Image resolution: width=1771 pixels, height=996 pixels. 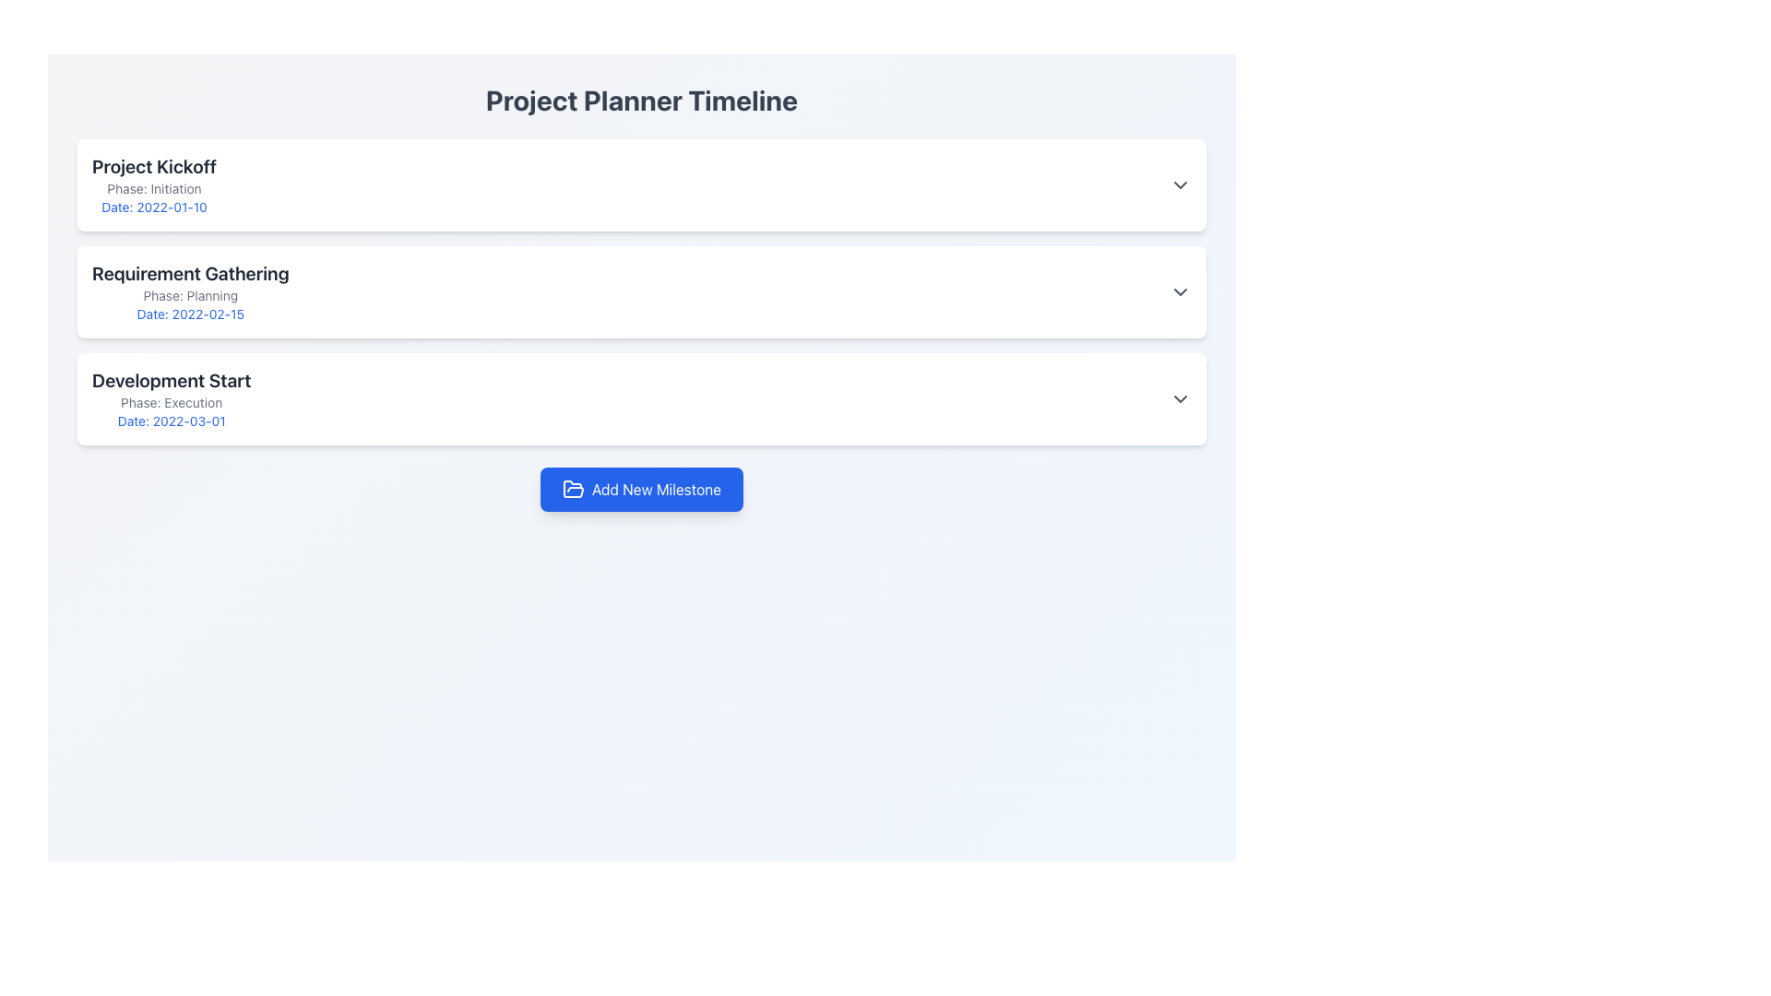 I want to click on the open folder icon located above the 'Add New Milestone' button, so click(x=572, y=488).